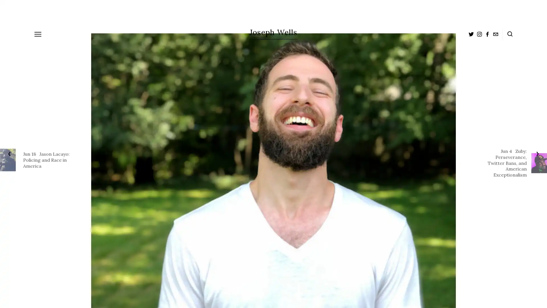 The image size is (547, 308). What do you see at coordinates (322, 166) in the screenshot?
I see `Subscribe` at bounding box center [322, 166].